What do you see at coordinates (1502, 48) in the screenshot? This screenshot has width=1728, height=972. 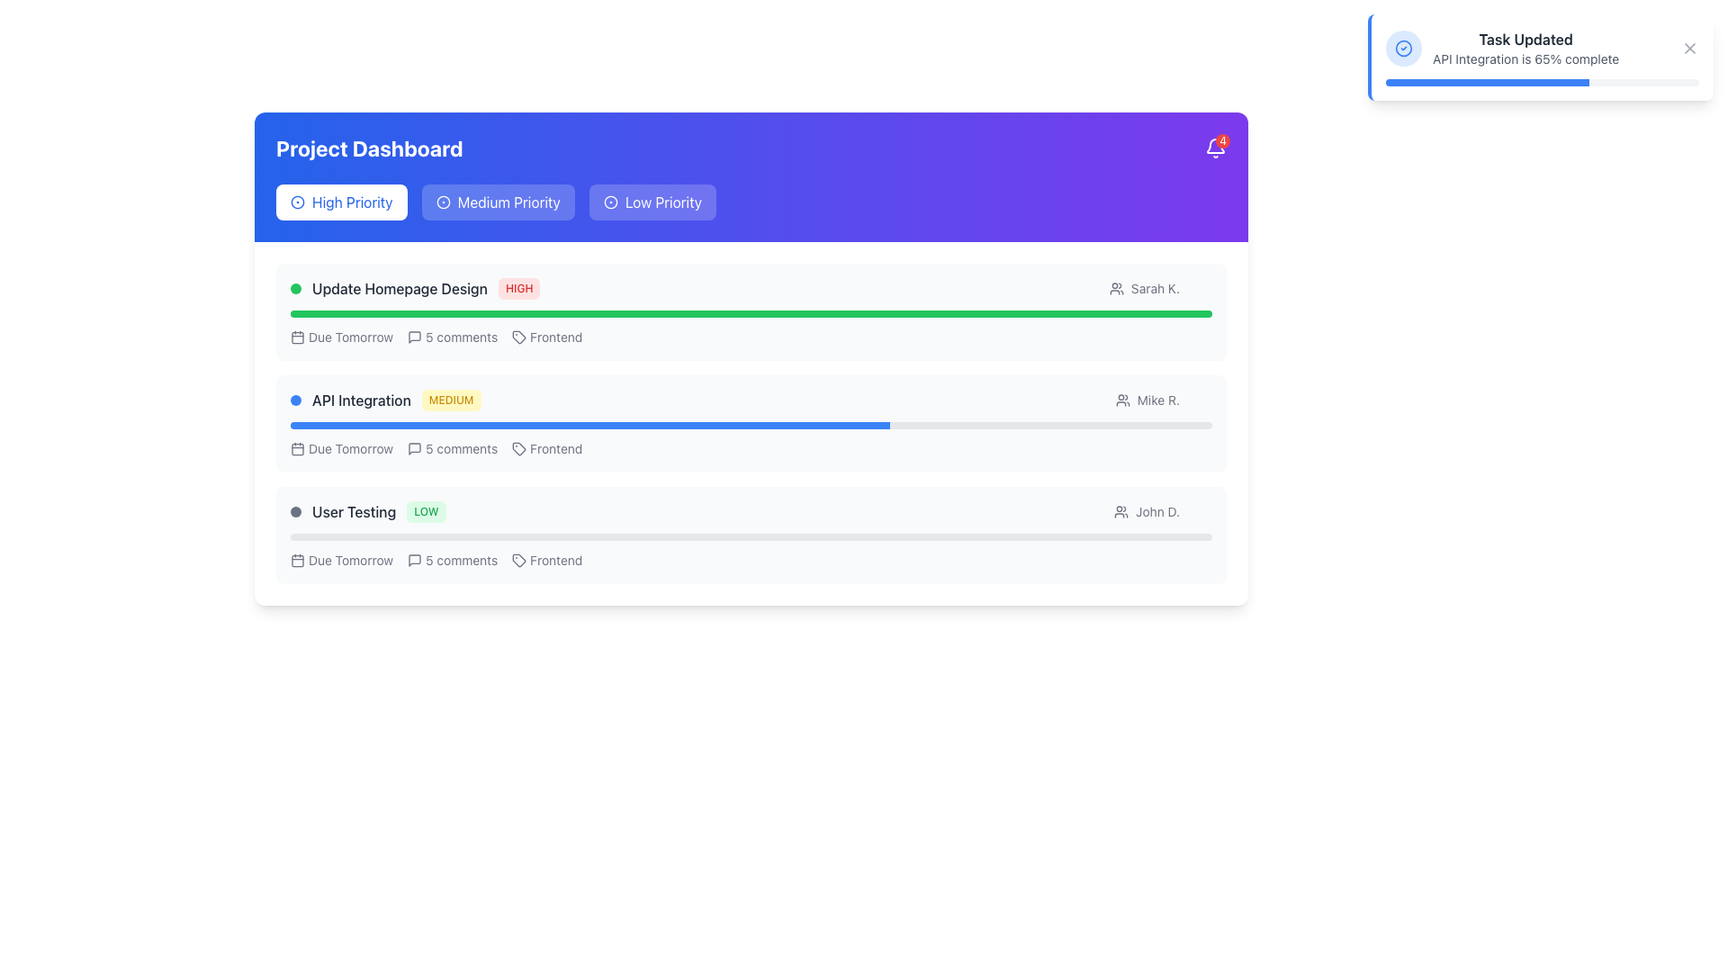 I see `the Informational notification widget that indicates the API Integration task is 65% complete, located in the top right corner of the interface` at bounding box center [1502, 48].